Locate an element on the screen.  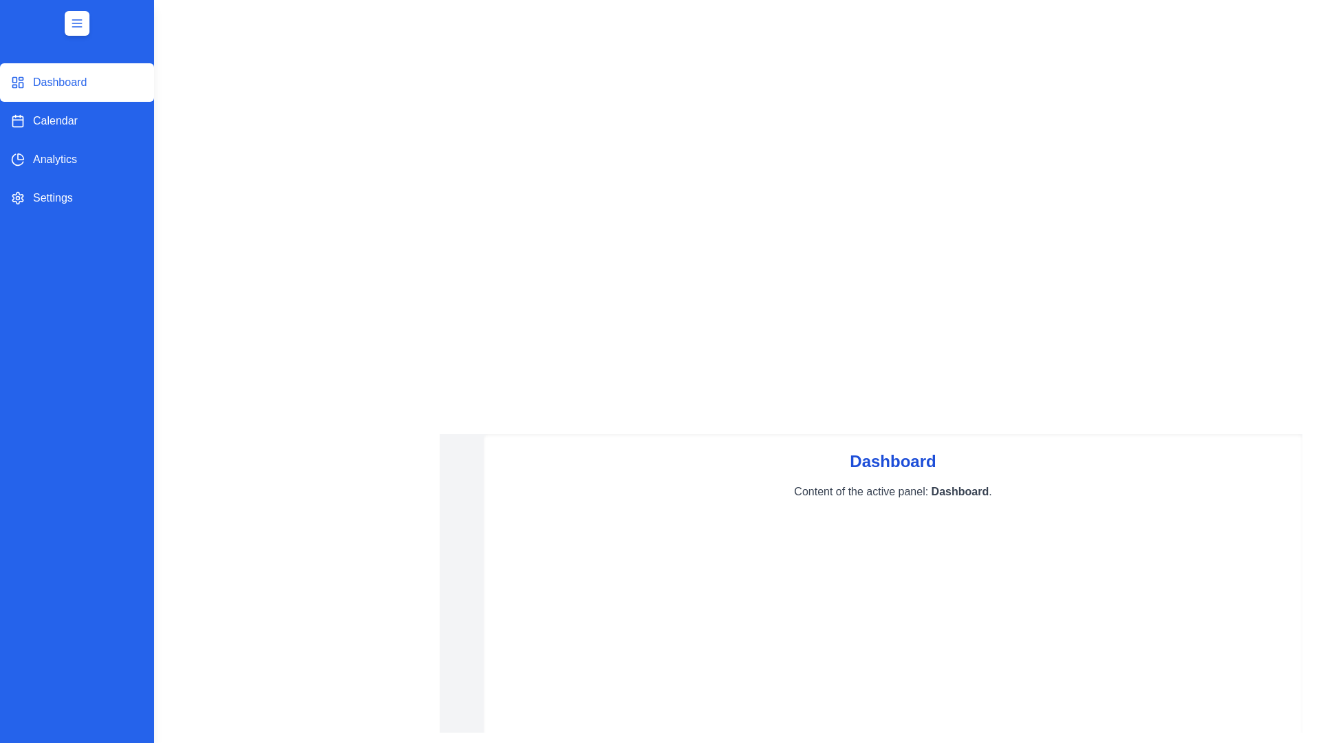
the panel labeled Settings in the sidebar is located at coordinates (76, 198).